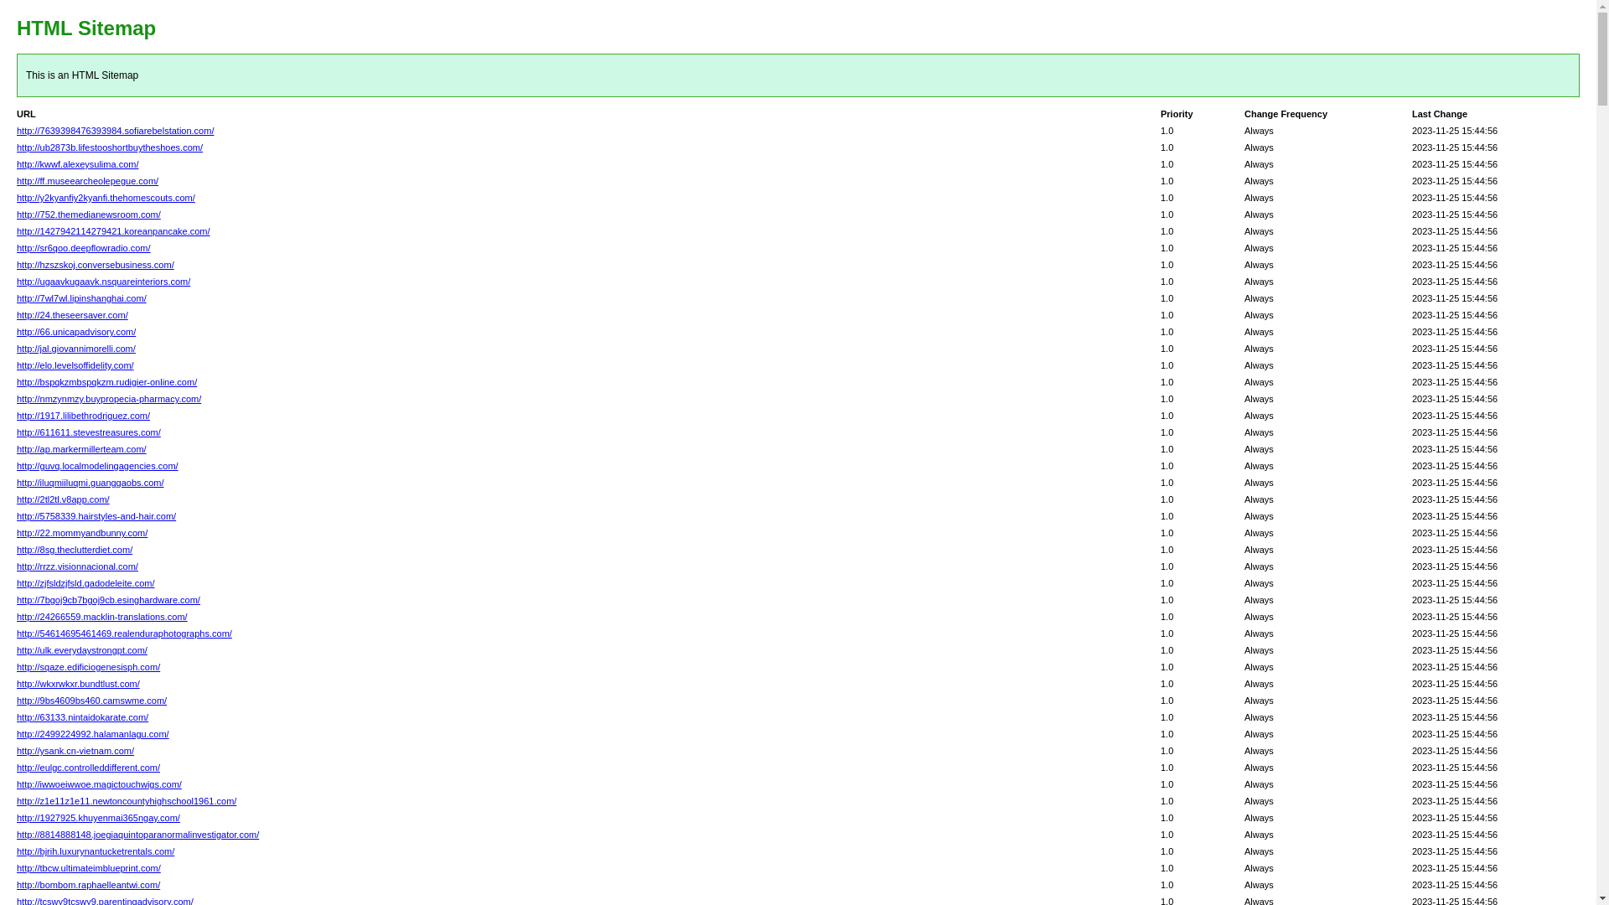 This screenshot has height=905, width=1609. I want to click on 'http://guvq.localmodelingagencies.com/', so click(96, 465).